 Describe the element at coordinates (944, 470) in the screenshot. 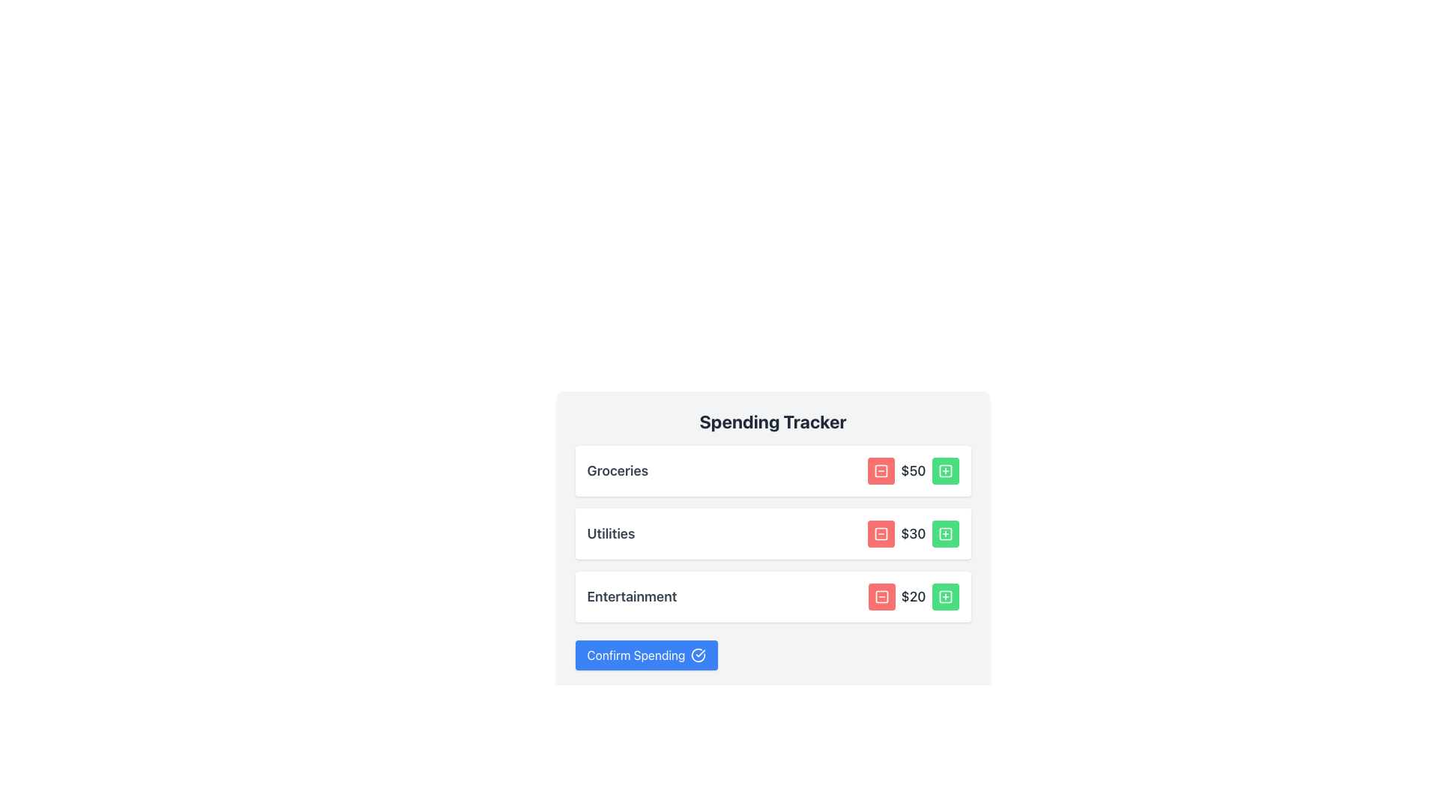

I see `the interactive control button for adding or increasing the value associated with the 'Groceries' category in the spending tracker` at that location.